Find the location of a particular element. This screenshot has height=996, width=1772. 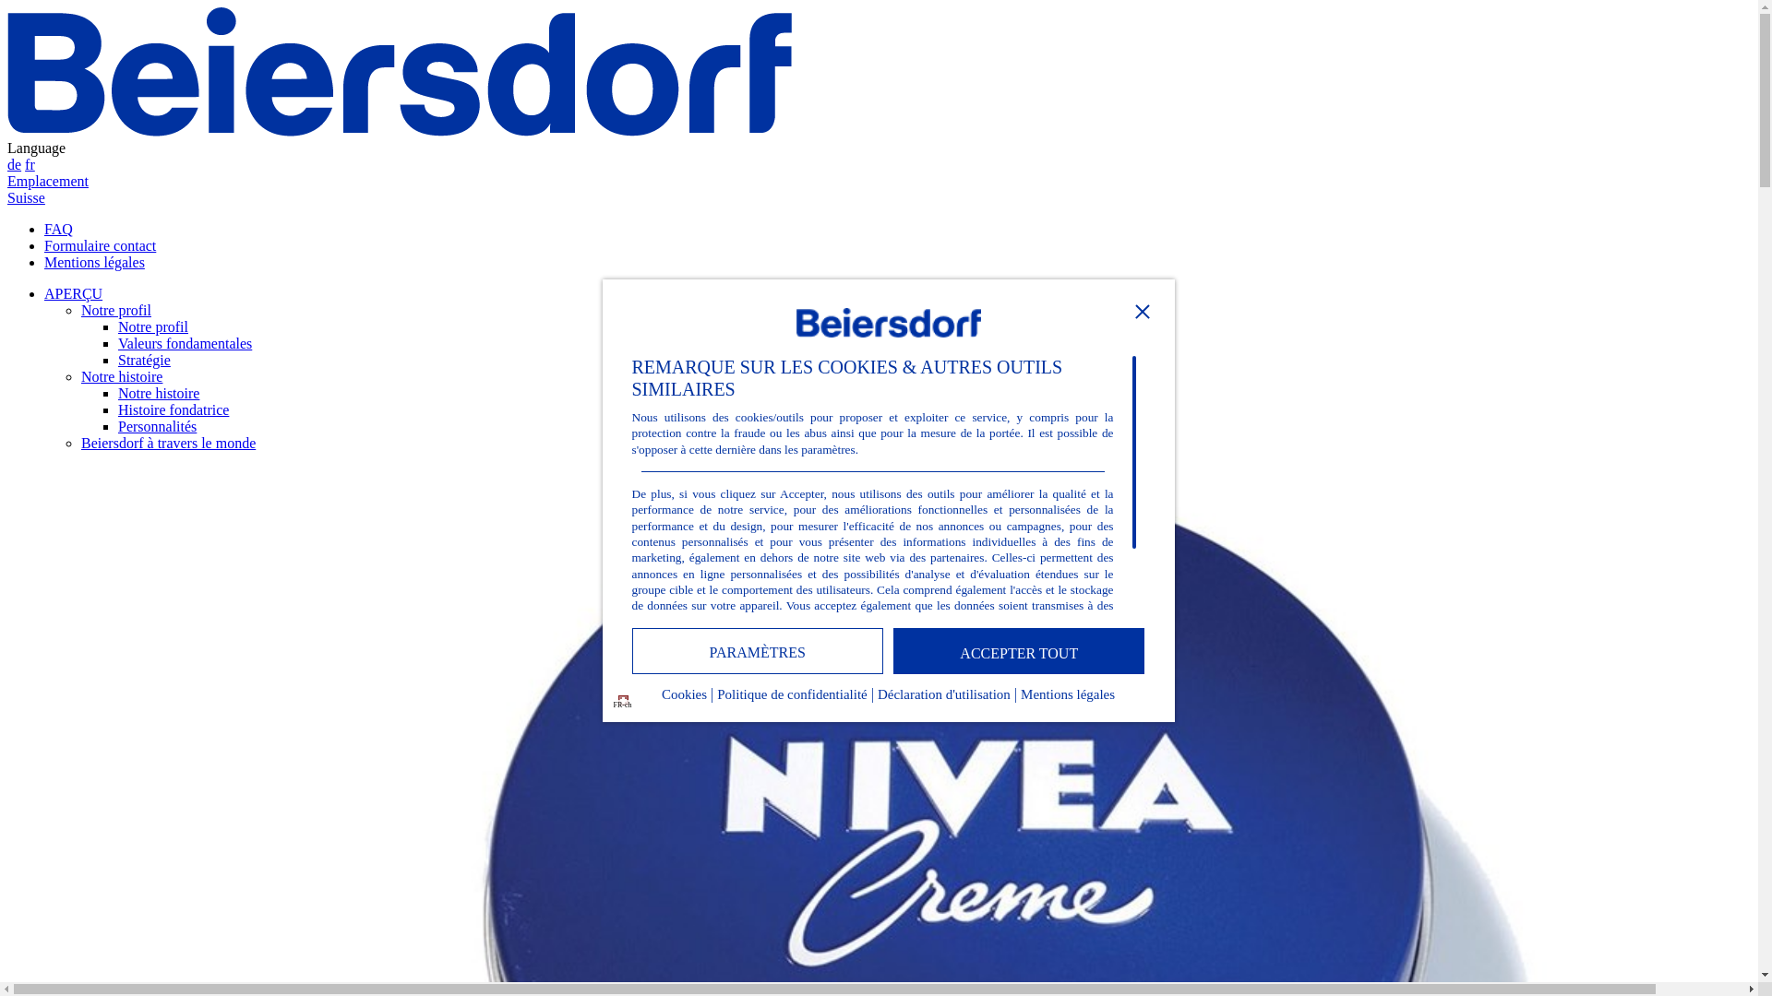

'Valeurs fondamentales' is located at coordinates (185, 343).